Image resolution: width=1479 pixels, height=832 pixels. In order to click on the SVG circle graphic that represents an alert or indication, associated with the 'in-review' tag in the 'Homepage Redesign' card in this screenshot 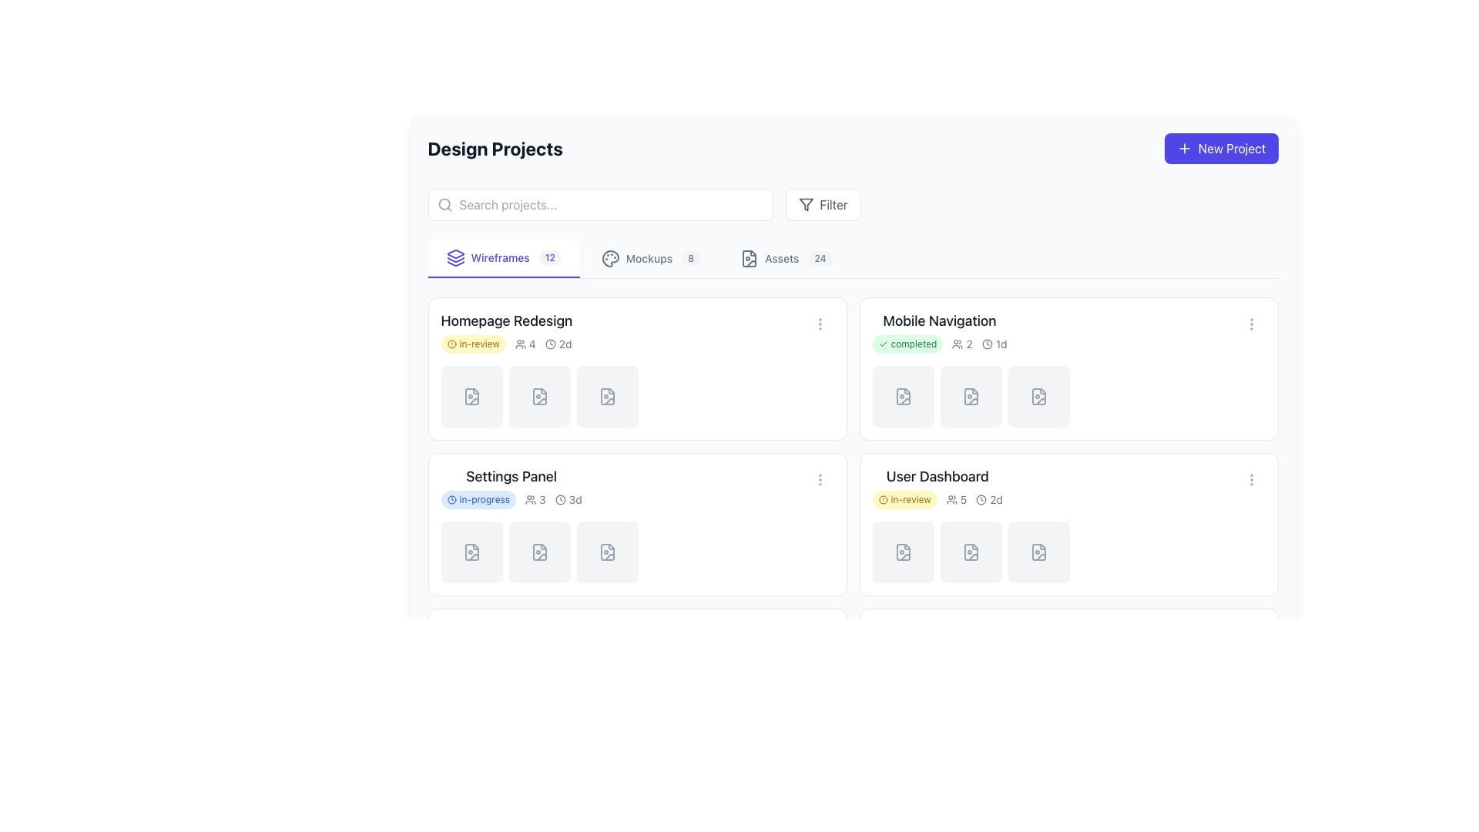, I will do `click(451, 344)`.